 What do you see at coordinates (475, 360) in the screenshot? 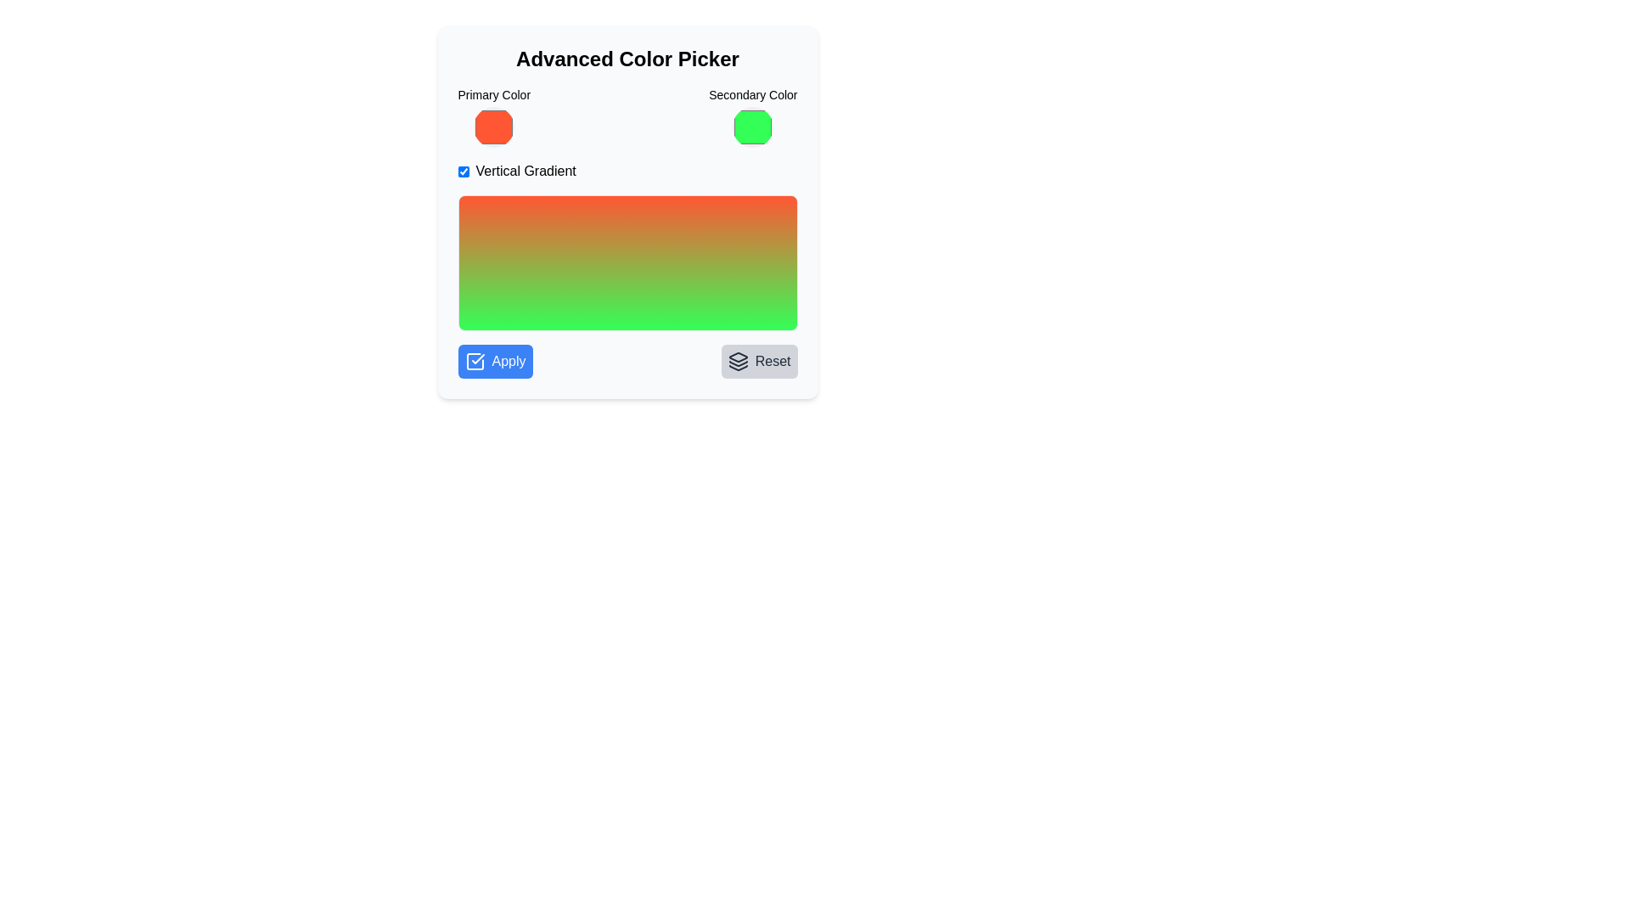
I see `the 'Apply' button's icon located within the modal window, positioned to the left of the 'Reset' button` at bounding box center [475, 360].